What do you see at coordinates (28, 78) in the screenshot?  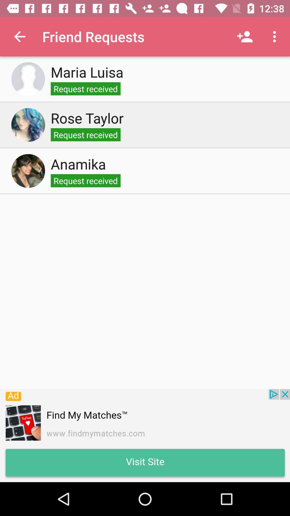 I see `the image at lest side of maria luisa` at bounding box center [28, 78].